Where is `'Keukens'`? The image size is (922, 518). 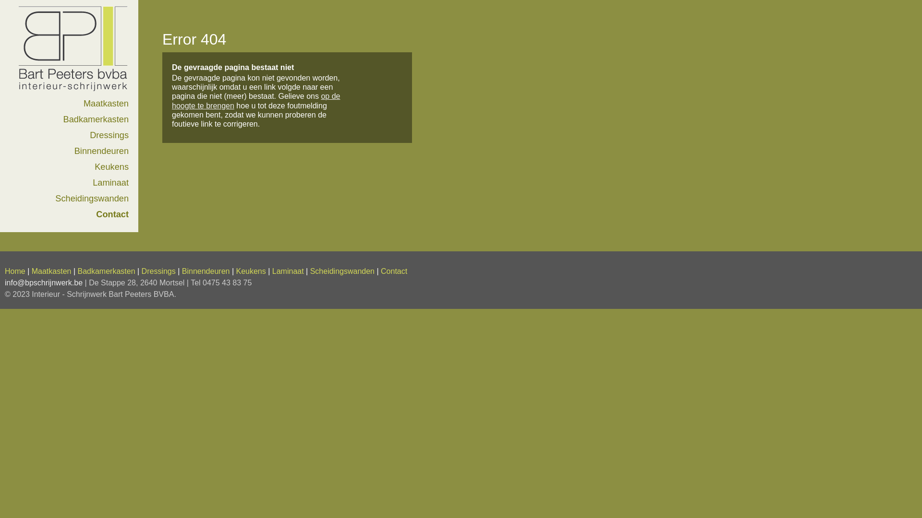
'Keukens' is located at coordinates (111, 166).